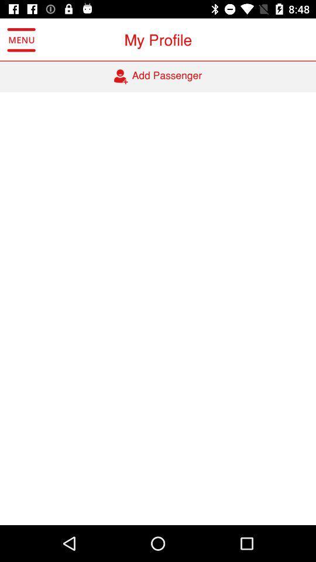 This screenshot has width=316, height=562. Describe the element at coordinates (21, 40) in the screenshot. I see `the item to the left of add passenger` at that location.